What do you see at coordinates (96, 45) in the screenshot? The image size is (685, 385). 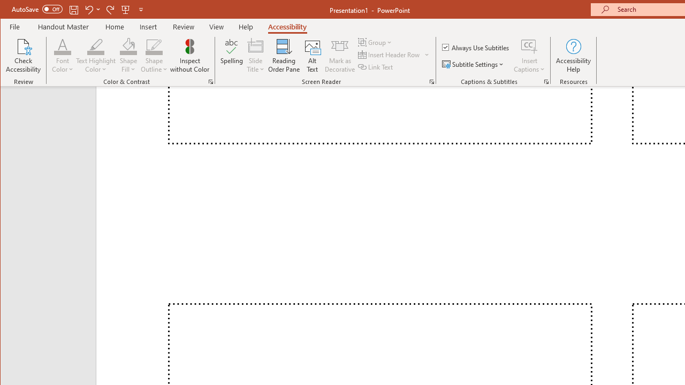 I see `'Text Highlight Color'` at bounding box center [96, 45].